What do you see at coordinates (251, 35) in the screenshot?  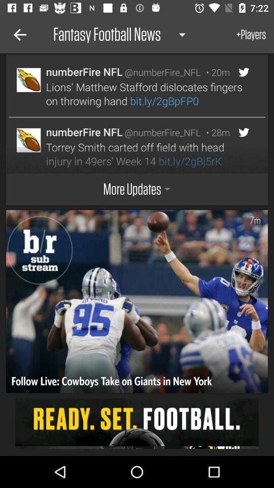 I see `+players icon` at bounding box center [251, 35].